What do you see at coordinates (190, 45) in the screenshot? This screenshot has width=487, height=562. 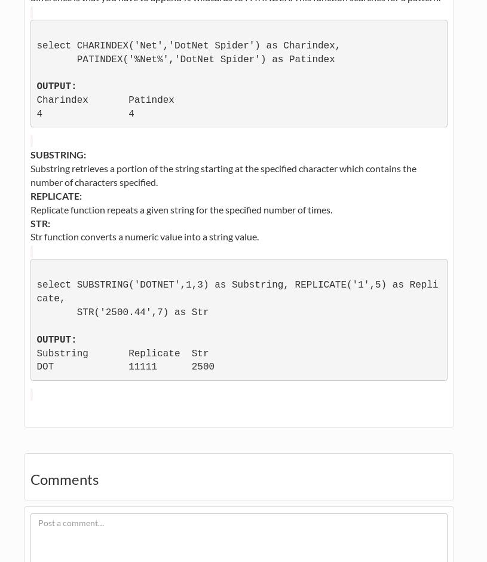 I see `'select CHARINDEX('Net','DotNet Spider') as Charindex,'` at bounding box center [190, 45].